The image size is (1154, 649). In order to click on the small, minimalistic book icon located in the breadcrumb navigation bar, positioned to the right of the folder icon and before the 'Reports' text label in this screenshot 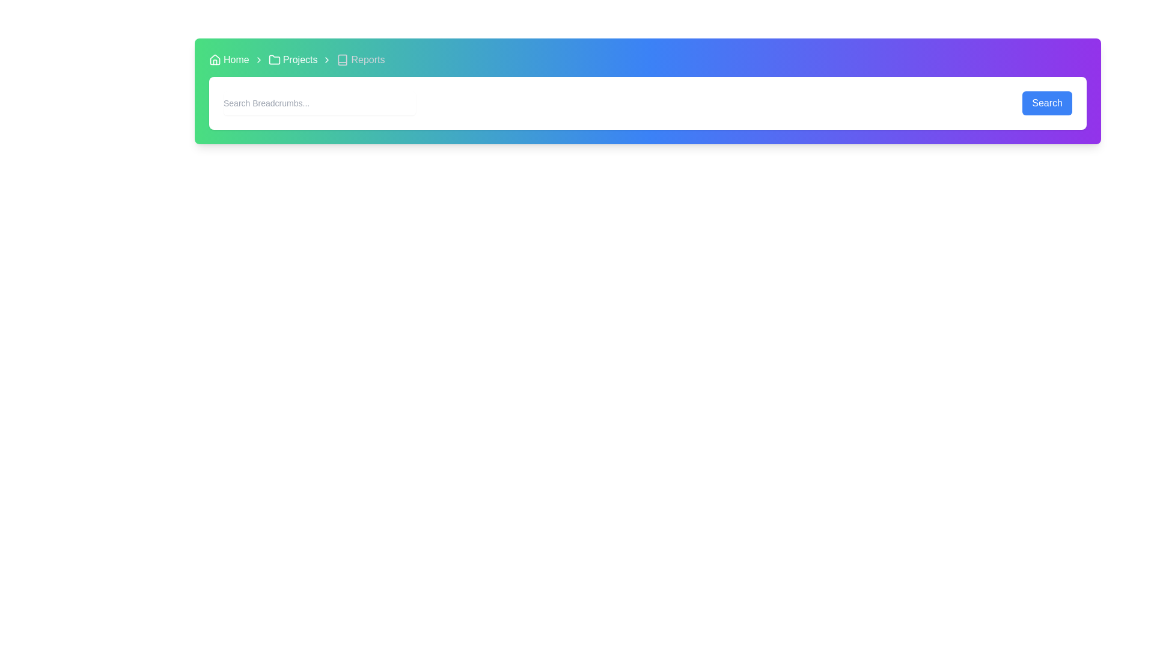, I will do `click(342, 60)`.